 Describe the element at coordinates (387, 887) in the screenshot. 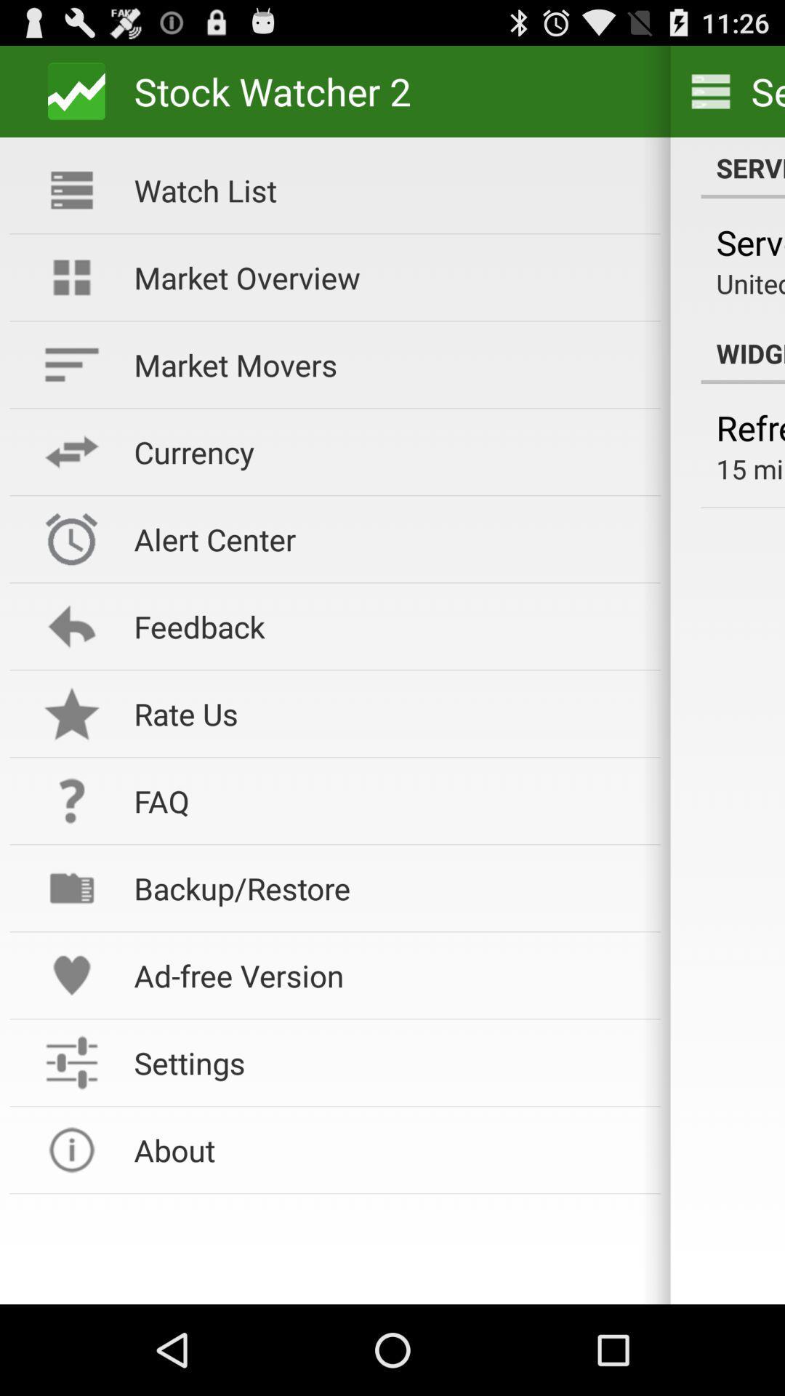

I see `backup/restore icon` at that location.